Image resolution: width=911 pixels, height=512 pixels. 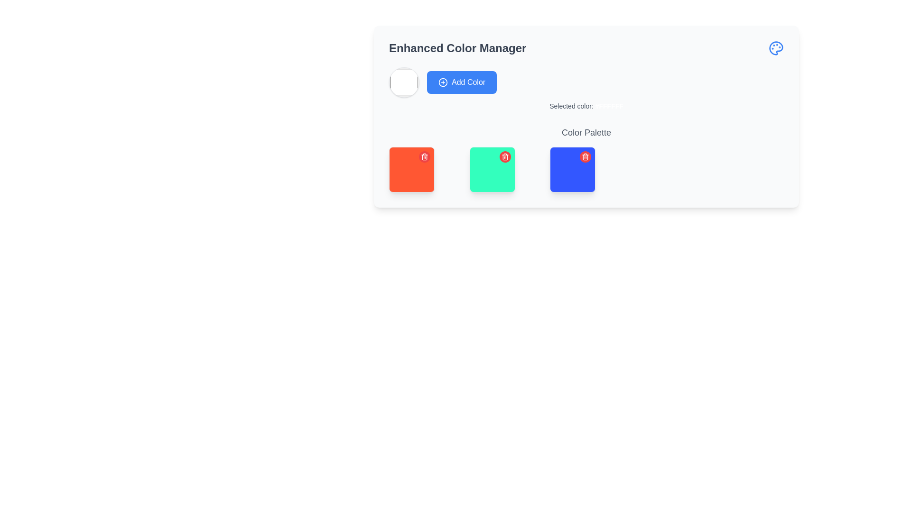 I want to click on text label that identifies the grid of colors as 'Color Palette', positioned at the center-top of the section above the color blocks, so click(x=586, y=133).